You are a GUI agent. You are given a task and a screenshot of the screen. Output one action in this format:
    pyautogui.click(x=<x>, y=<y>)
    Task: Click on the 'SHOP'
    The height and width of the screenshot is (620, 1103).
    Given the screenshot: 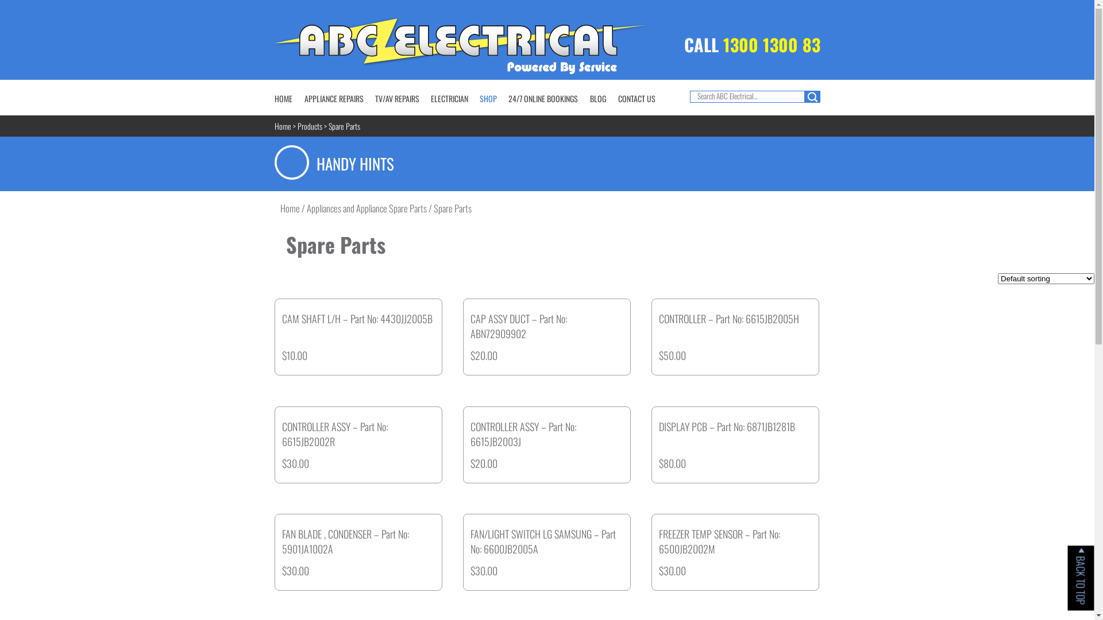 What is the action you would take?
    pyautogui.click(x=488, y=98)
    